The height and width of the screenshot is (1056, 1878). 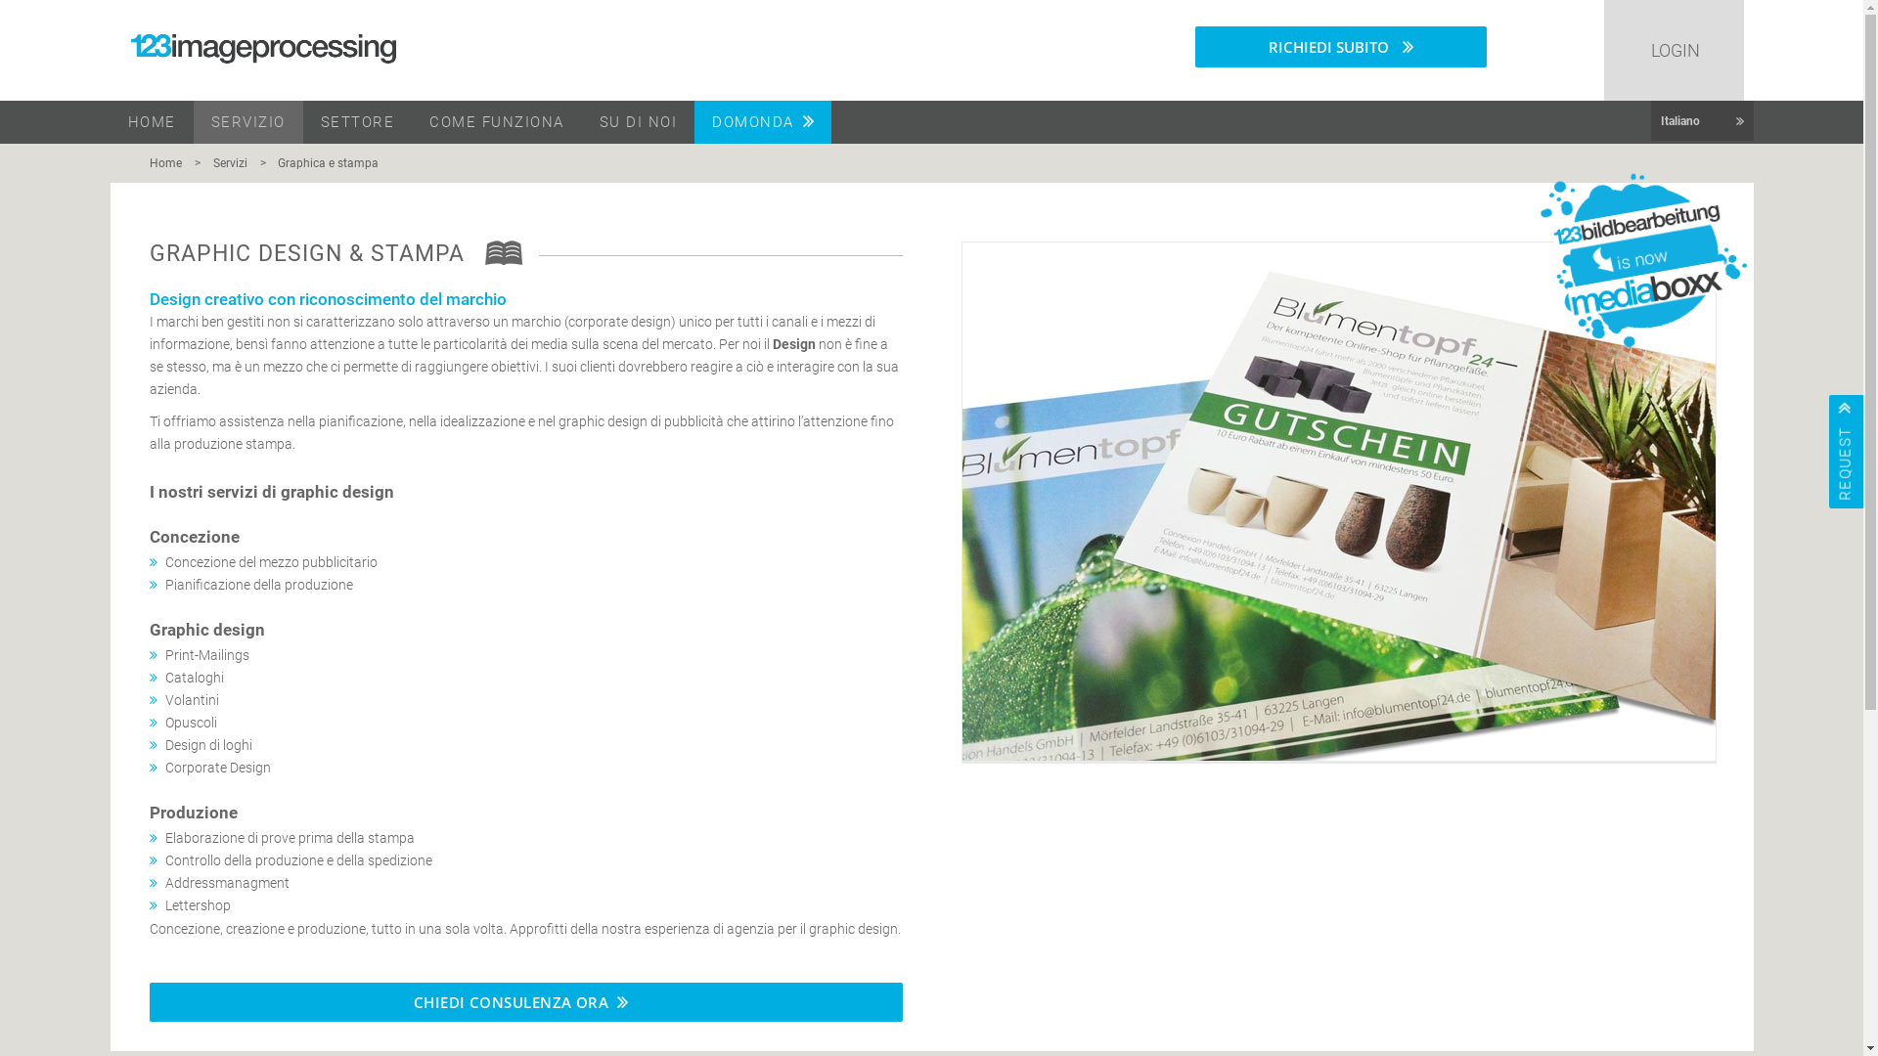 I want to click on 'COME FUNZIONA', so click(x=497, y=121).